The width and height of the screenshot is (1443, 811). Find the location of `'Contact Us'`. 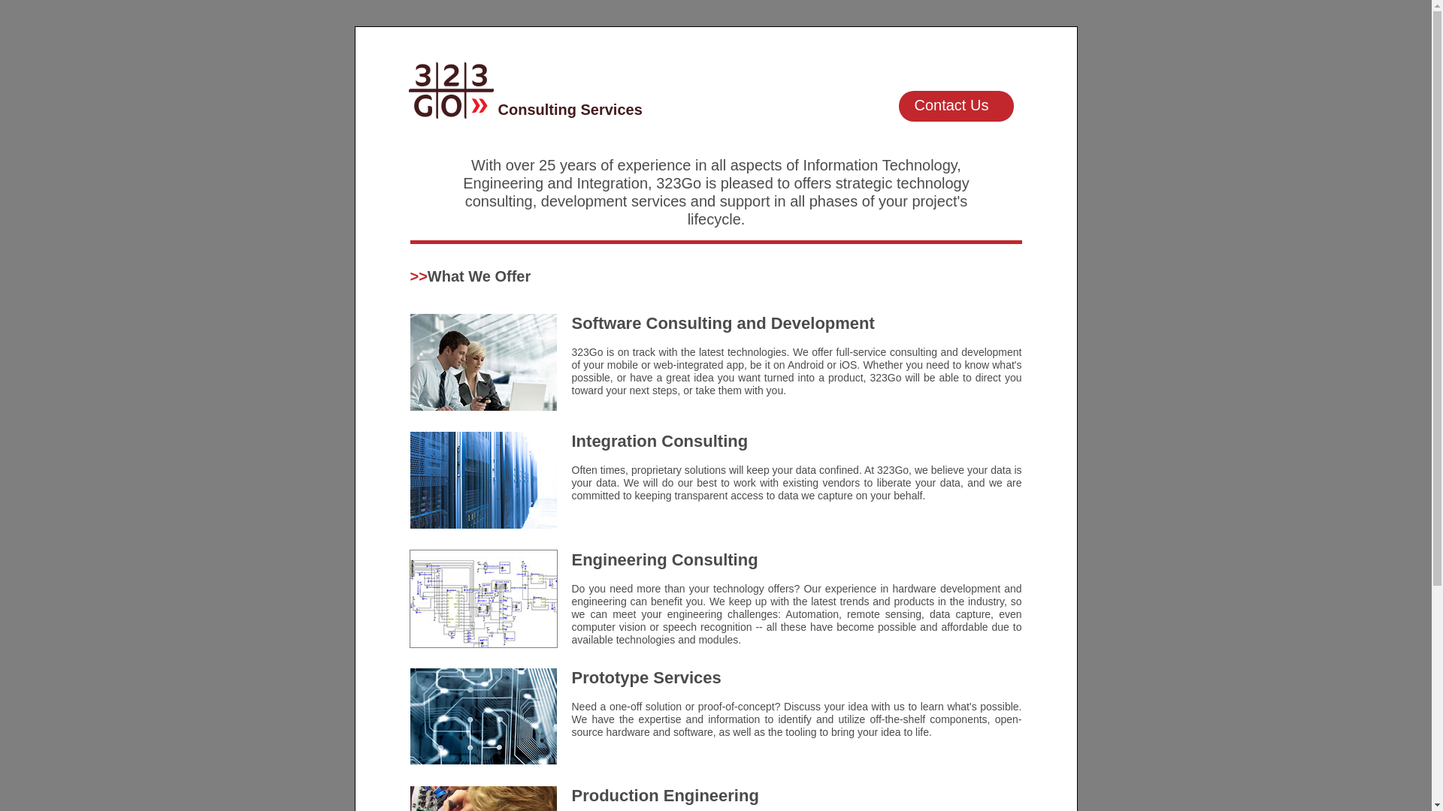

'Contact Us' is located at coordinates (898, 105).